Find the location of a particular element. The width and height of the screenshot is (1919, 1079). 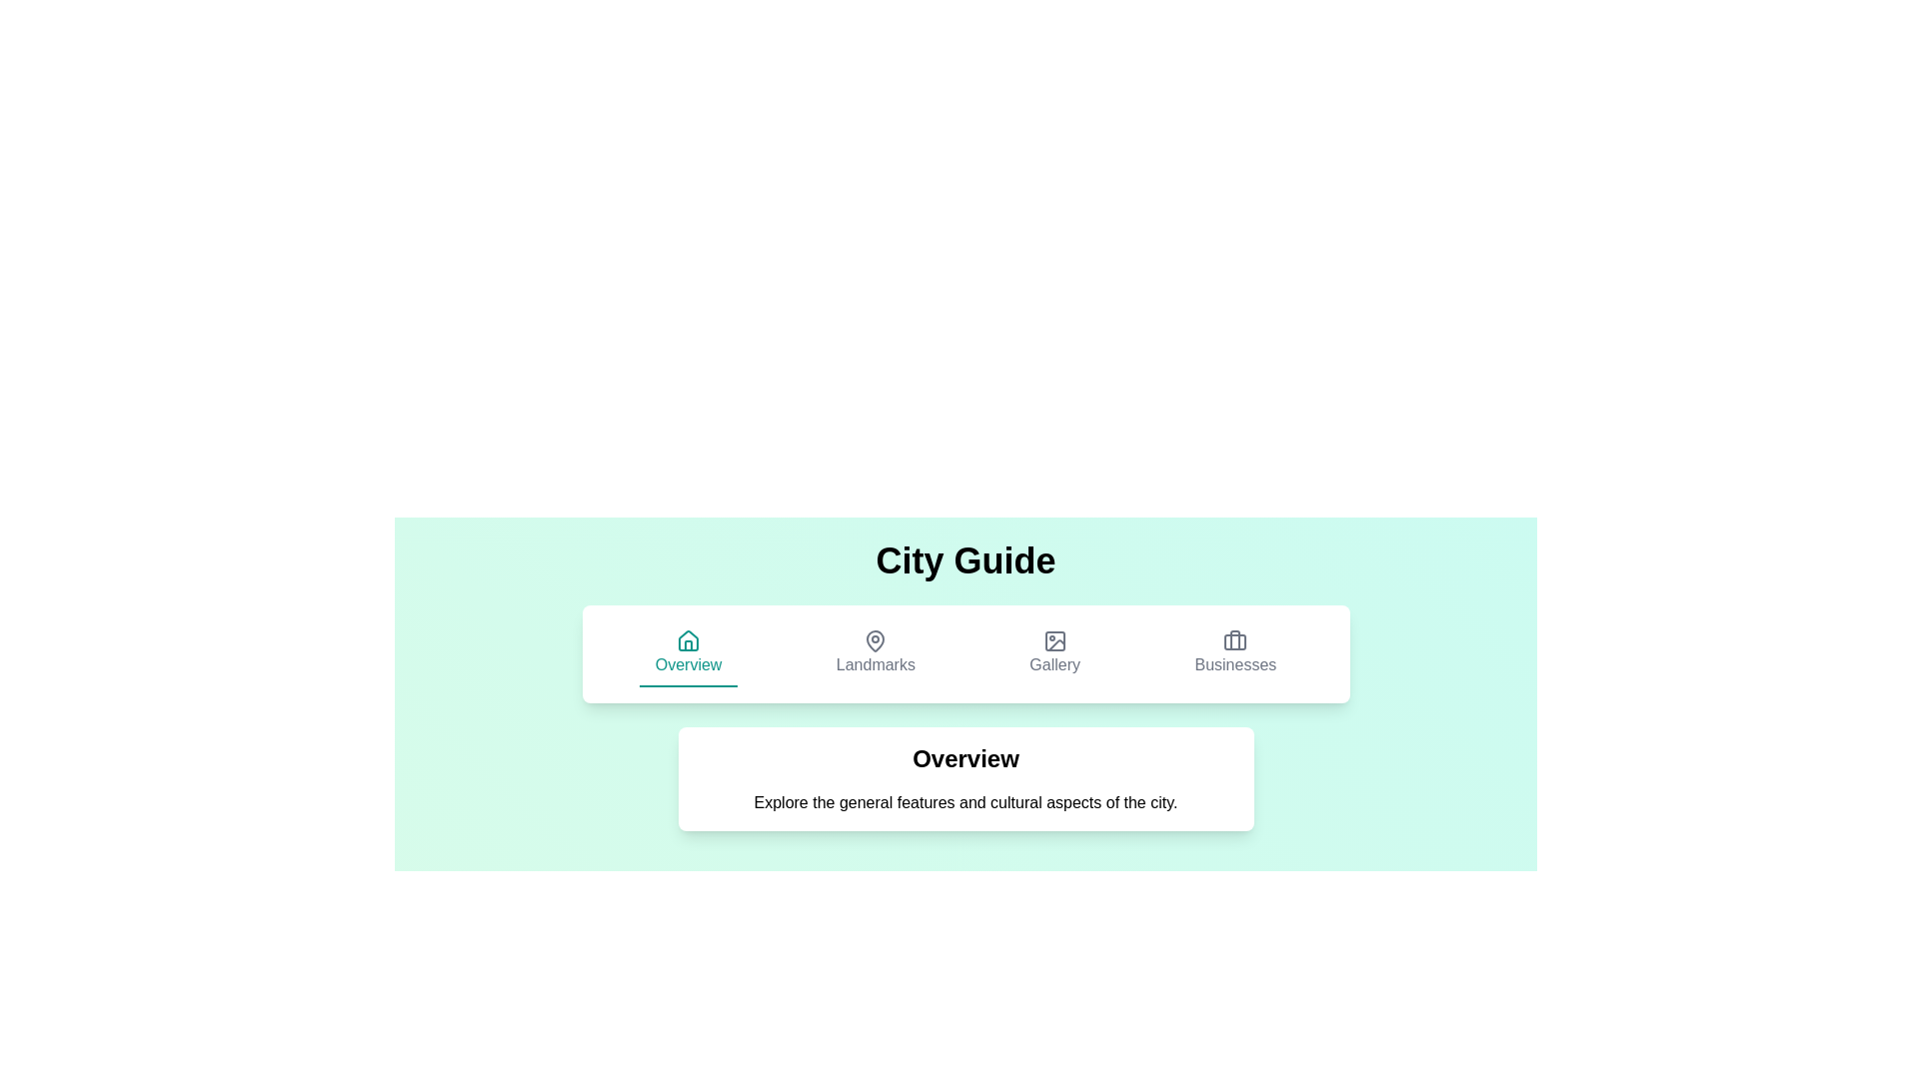

the map pin graphic icon in the horizontal navigation menu below 'City Guide' is located at coordinates (875, 639).